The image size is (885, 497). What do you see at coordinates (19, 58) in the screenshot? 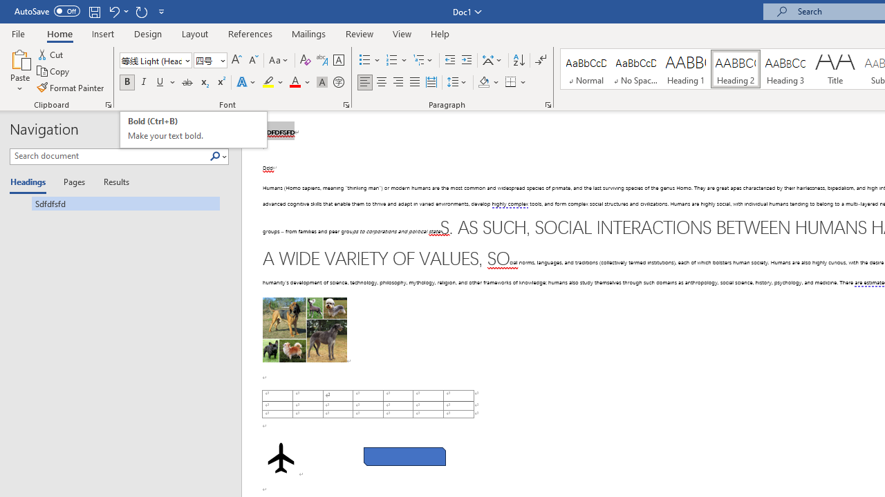
I see `'Paste'` at bounding box center [19, 58].